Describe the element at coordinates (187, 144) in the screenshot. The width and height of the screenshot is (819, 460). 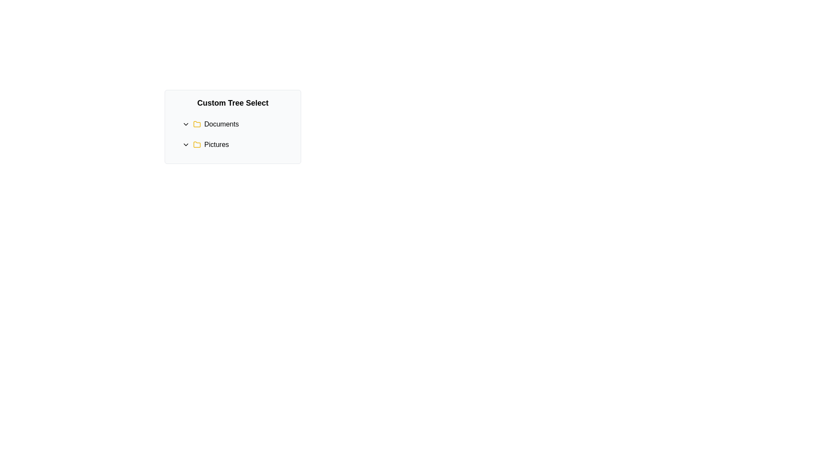
I see `the Chevron Icon (Indicator)` at that location.